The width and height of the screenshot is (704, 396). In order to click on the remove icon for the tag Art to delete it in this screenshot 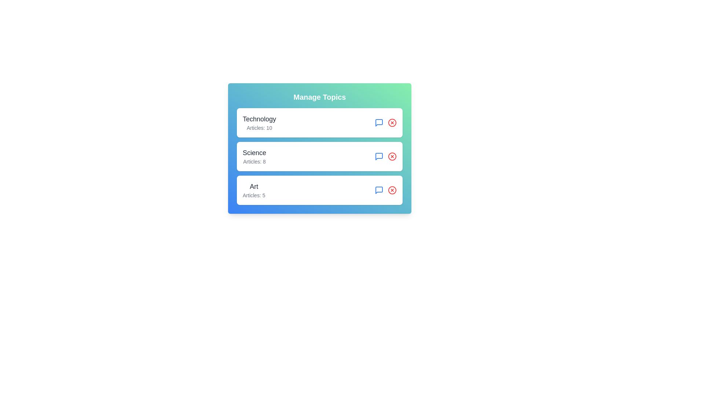, I will do `click(392, 190)`.